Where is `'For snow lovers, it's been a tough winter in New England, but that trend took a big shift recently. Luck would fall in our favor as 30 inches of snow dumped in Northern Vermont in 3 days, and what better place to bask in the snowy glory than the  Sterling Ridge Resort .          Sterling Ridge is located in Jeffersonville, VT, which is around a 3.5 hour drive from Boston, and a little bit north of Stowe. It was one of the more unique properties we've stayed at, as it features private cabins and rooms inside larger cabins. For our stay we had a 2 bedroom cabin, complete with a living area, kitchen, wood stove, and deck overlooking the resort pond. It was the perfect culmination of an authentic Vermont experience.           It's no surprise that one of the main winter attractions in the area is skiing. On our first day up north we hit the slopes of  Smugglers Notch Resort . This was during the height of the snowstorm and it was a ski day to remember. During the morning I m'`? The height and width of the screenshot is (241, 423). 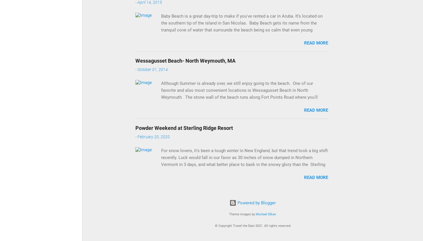
'For snow lovers, it's been a tough winter in New England, but that trend took a big shift recently. Luck would fall in our favor as 30 inches of snow dumped in Northern Vermont in 3 days, and what better place to bask in the snowy glory than the  Sterling Ridge Resort .          Sterling Ridge is located in Jeffersonville, VT, which is around a 3.5 hour drive from Boston, and a little bit north of Stowe. It was one of the more unique properties we've stayed at, as it features private cabins and rooms inside larger cabins. For our stay we had a 2 bedroom cabin, complete with a living area, kitchen, wood stove, and deck overlooking the resort pond. It was the perfect culmination of an authentic Vermont experience.           It's no surprise that one of the main winter attractions in the area is skiing. On our first day up north we hit the slopes of  Smugglers Notch Resort . This was during the height of the snowstorm and it was a ski day to remember. During the morning I m' is located at coordinates (161, 188).